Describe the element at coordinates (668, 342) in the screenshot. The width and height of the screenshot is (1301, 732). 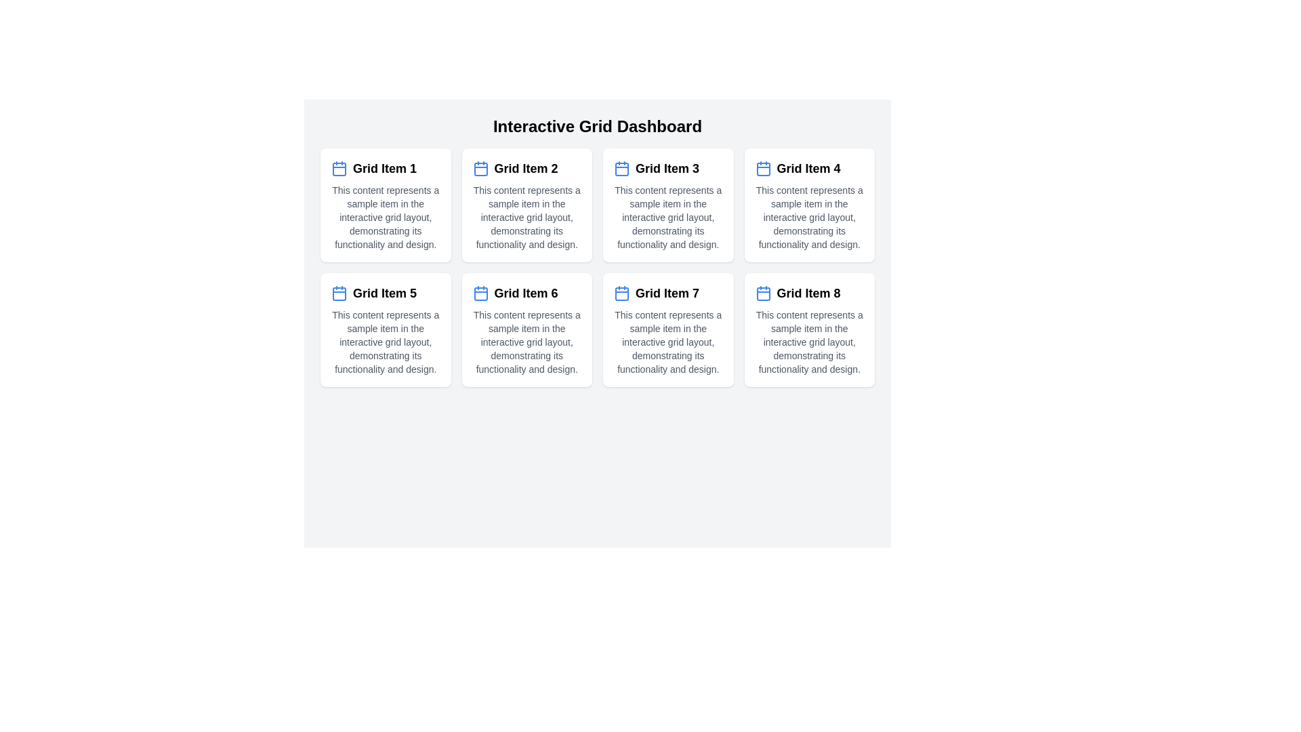
I see `the descriptive text element below the title 'Grid Item 7', which reads 'This content represents a sample item in the interactive grid layout, demonstrating its functionality and design.'` at that location.